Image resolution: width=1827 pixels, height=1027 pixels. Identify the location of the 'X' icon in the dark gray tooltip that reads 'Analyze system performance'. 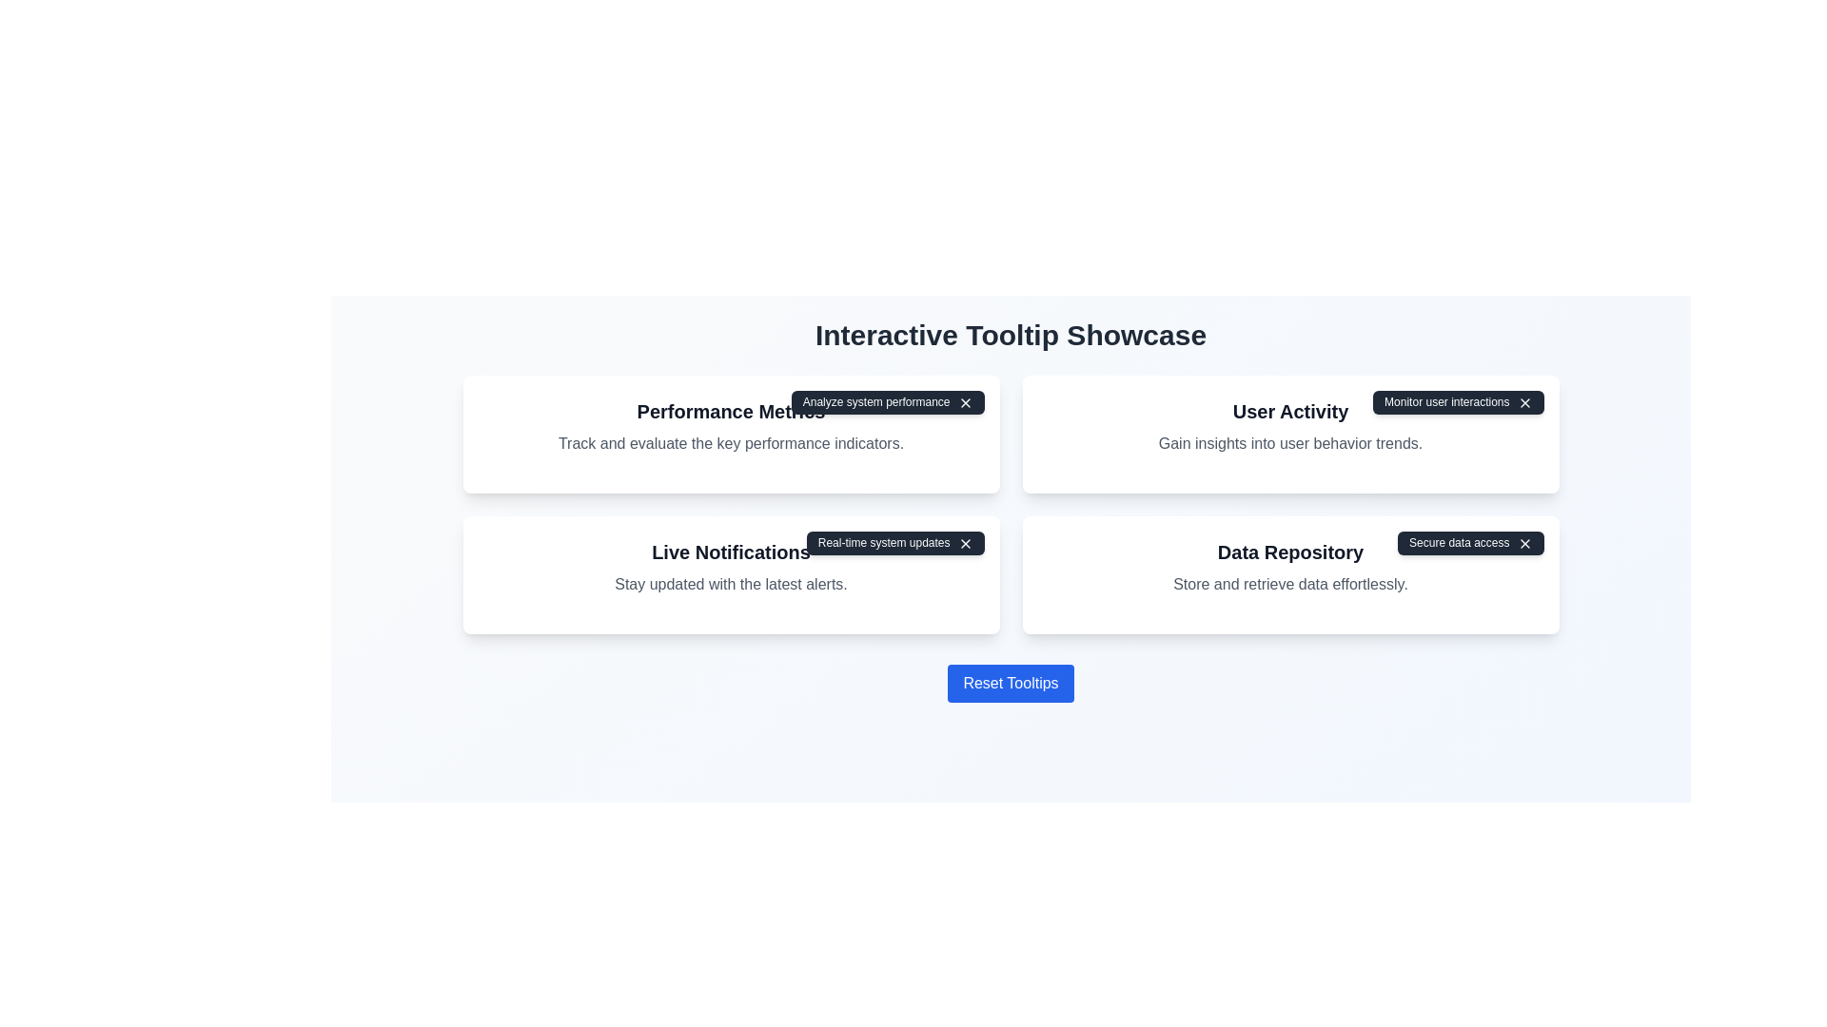
(886, 401).